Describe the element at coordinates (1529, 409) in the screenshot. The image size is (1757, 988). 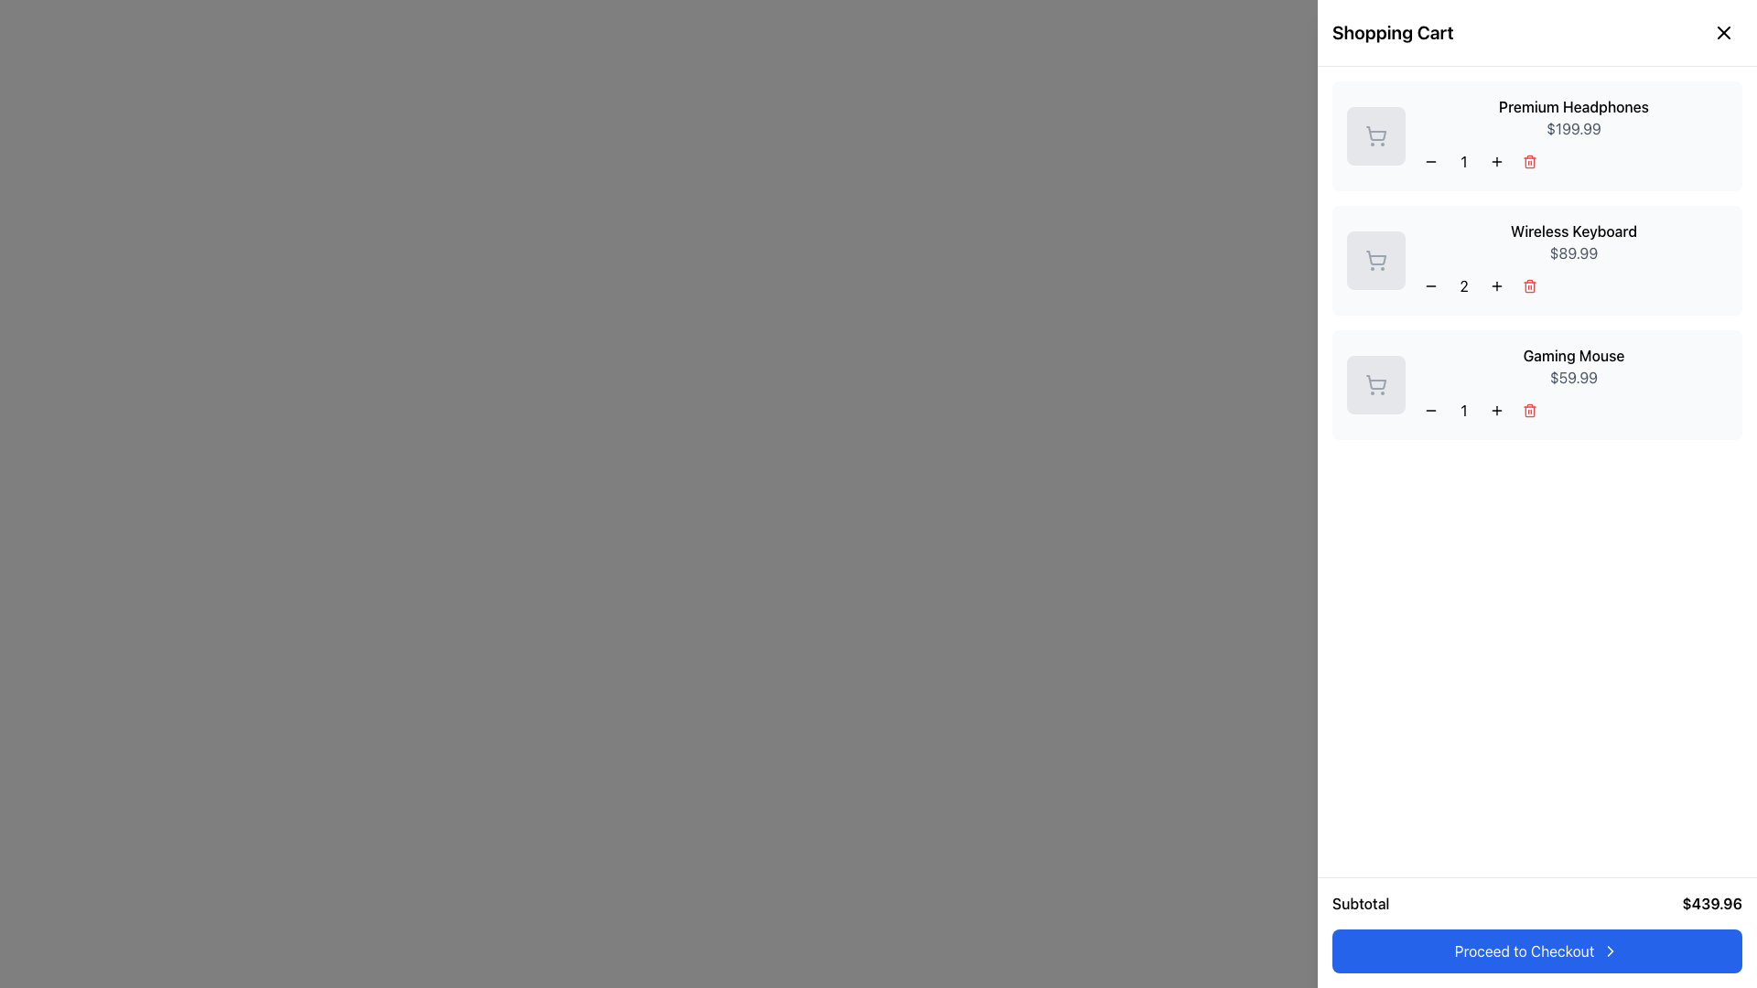
I see `the Icon button located on the right-most side of the shopping cart item` at that location.